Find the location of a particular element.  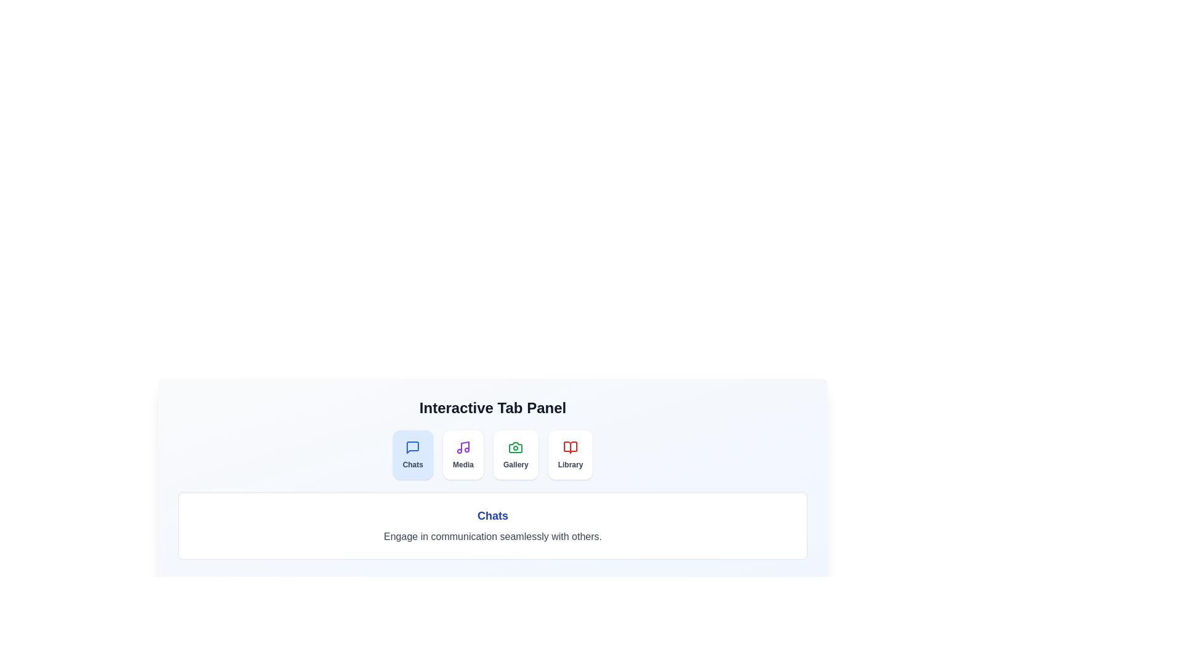

the Gallery tab is located at coordinates (515, 455).